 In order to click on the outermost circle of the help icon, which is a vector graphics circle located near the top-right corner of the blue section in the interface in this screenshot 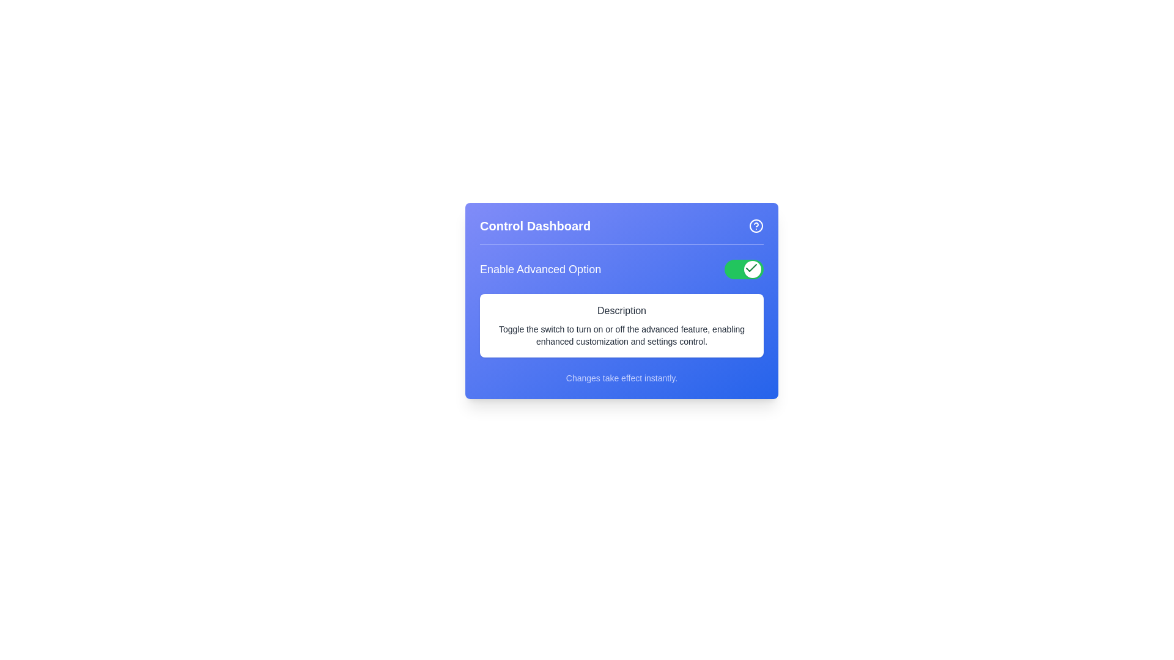, I will do `click(756, 226)`.